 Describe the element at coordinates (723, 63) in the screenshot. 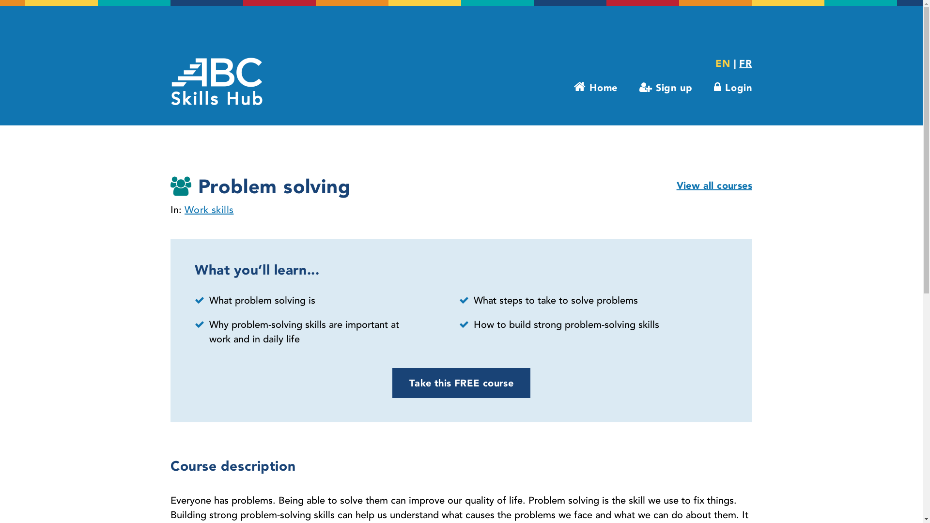

I see `'EN'` at that location.